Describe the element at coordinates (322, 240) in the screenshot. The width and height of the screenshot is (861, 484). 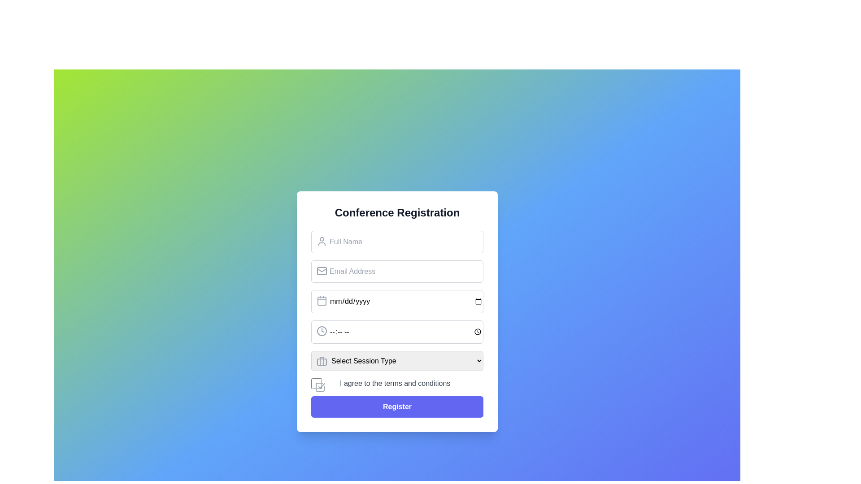
I see `the icon indicating the purpose of the 'Full Name' input field for potential interaction` at that location.